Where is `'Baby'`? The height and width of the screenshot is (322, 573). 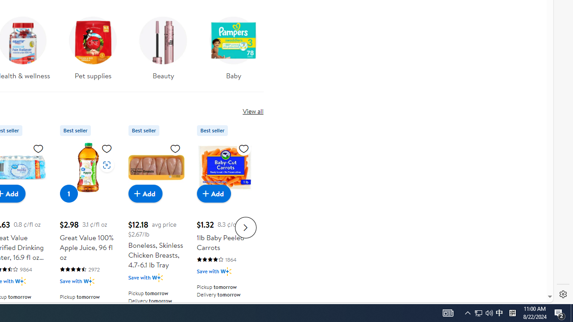
'Baby' is located at coordinates (233, 45).